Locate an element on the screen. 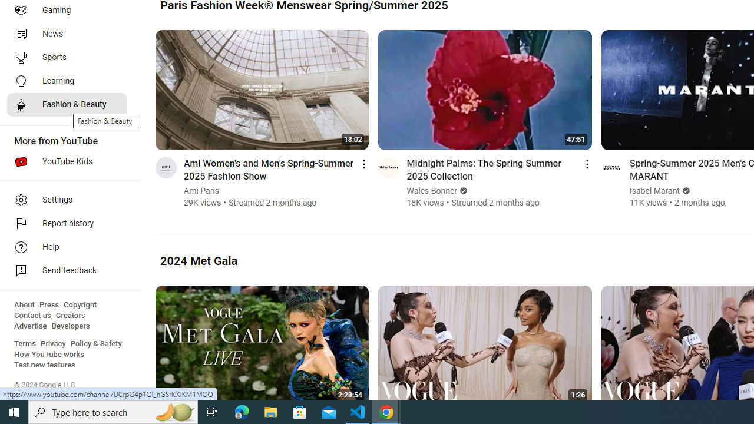  'Privacy' is located at coordinates (52, 344).